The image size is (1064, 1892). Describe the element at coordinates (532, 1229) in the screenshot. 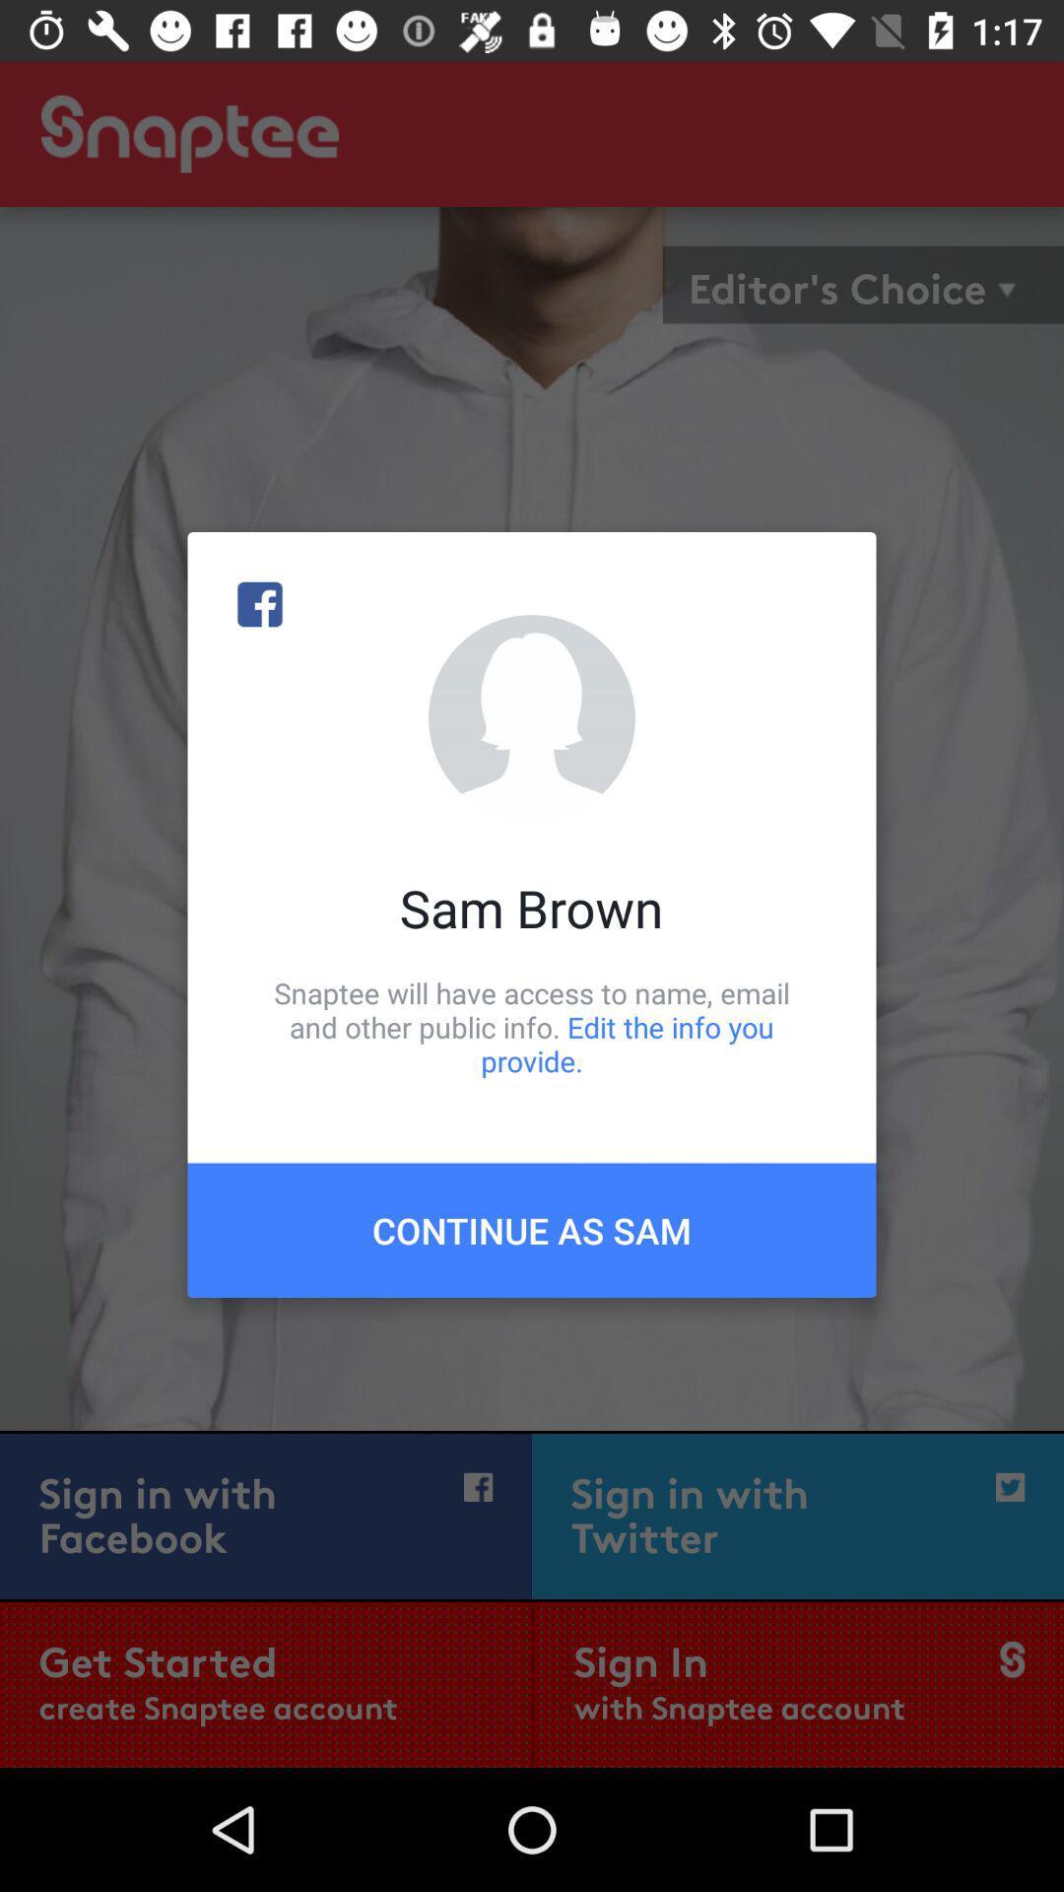

I see `icon below the snaptee will have item` at that location.